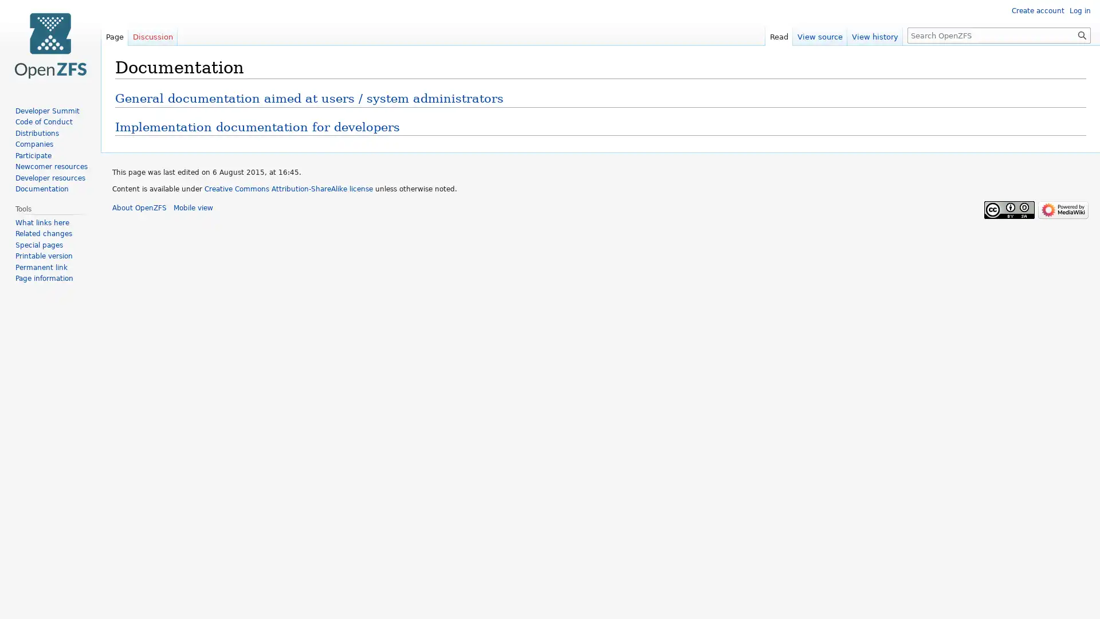 The height and width of the screenshot is (619, 1100). I want to click on Search, so click(1082, 34).